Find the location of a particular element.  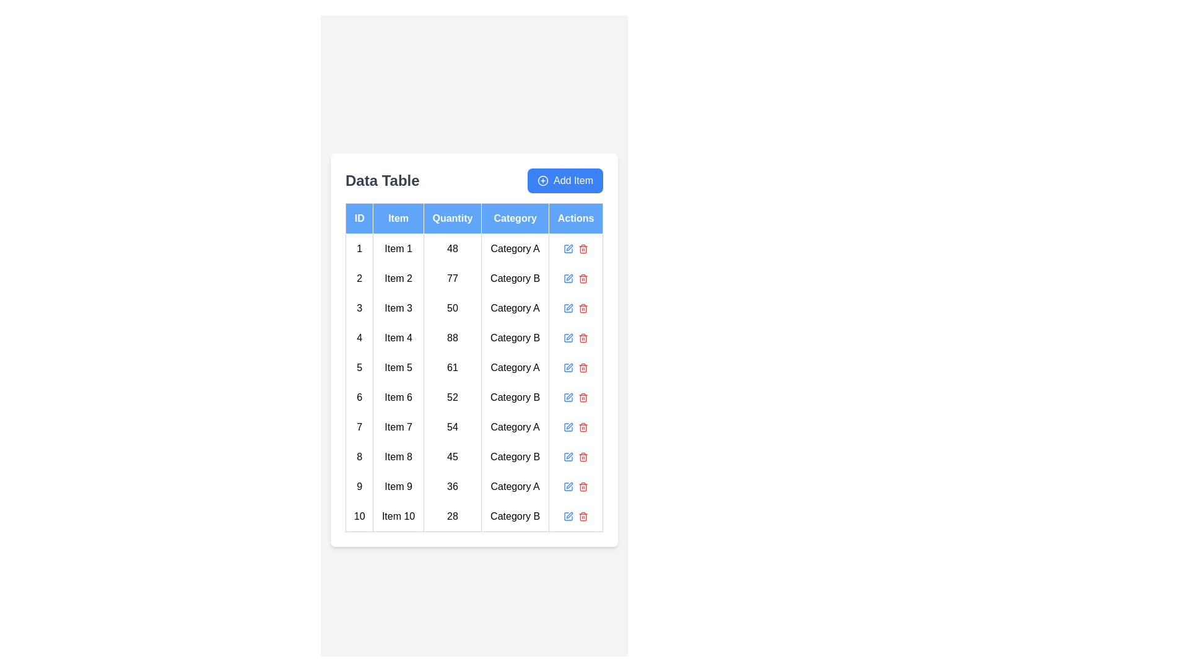

the 'Quantity' text label in the first row of the data table, which represents the quantity value of the first item is located at coordinates (451, 248).